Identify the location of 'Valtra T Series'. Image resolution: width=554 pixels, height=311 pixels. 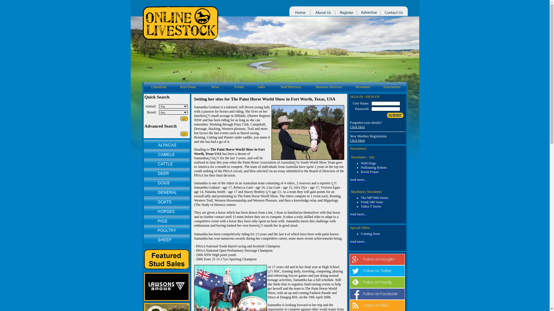
(371, 206).